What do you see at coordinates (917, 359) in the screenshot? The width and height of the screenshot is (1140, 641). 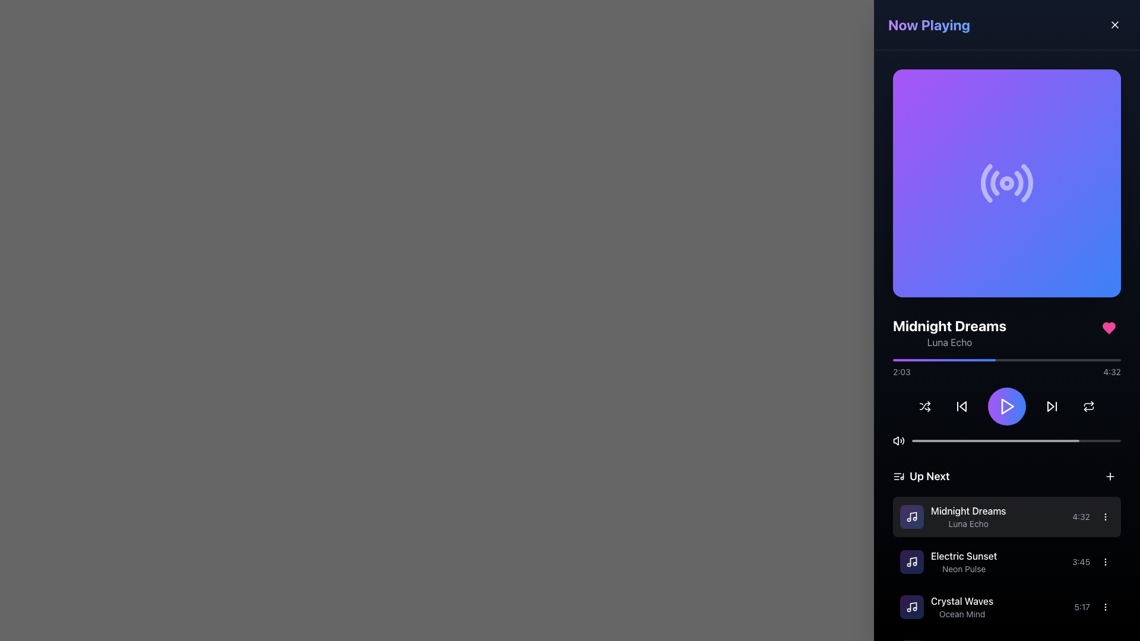 I see `the playback position` at bounding box center [917, 359].